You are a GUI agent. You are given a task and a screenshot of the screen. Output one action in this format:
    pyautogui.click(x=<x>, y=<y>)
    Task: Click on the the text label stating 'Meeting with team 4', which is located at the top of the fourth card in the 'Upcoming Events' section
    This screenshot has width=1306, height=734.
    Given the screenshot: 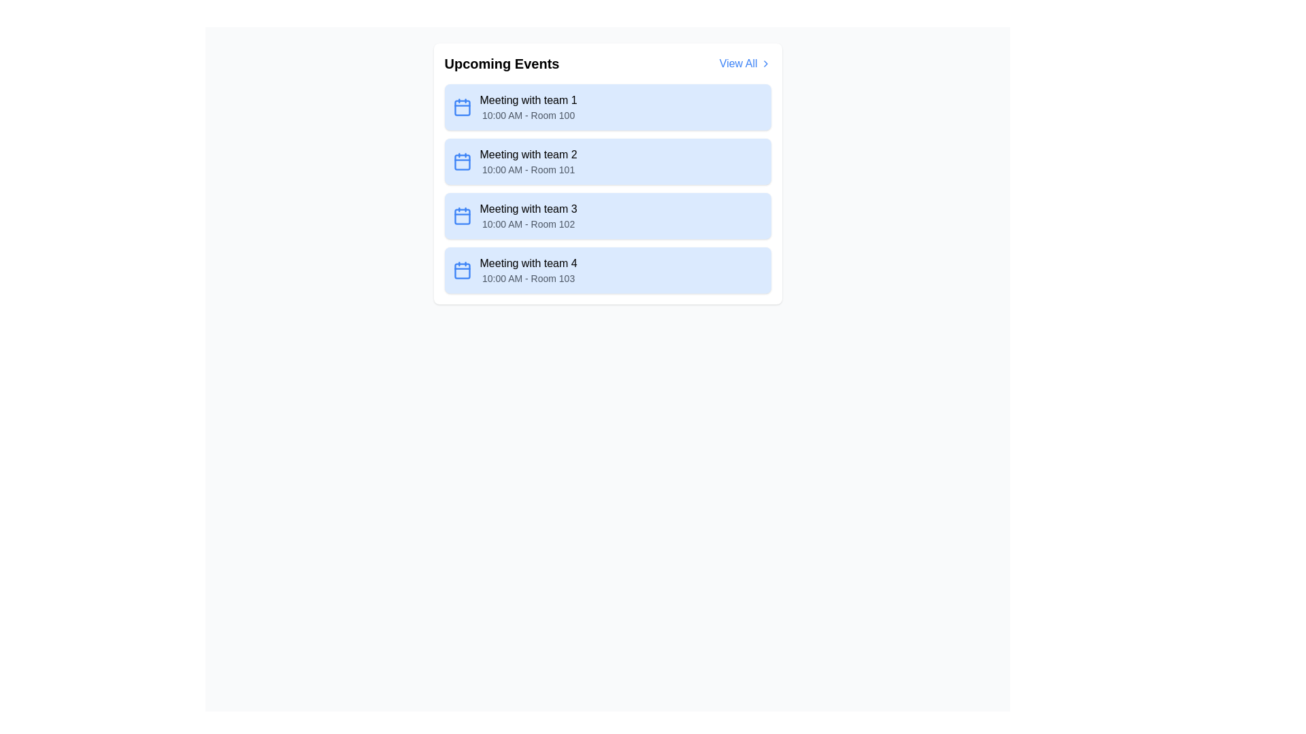 What is the action you would take?
    pyautogui.click(x=528, y=264)
    